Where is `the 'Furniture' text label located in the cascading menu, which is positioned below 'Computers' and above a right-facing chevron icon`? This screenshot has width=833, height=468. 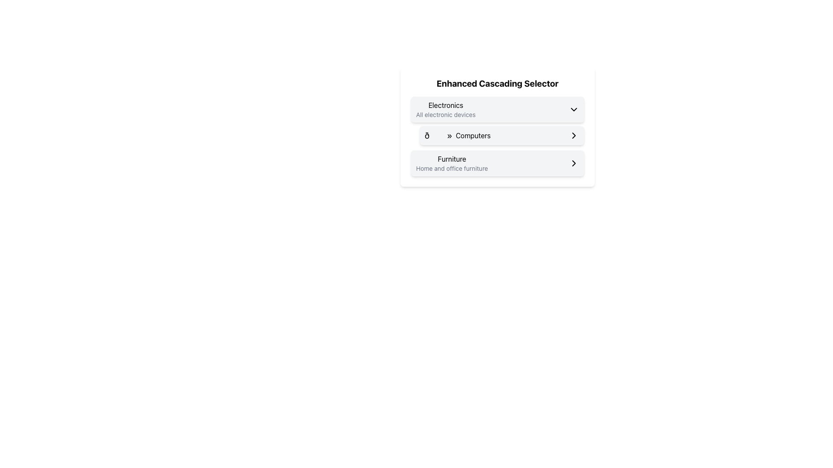 the 'Furniture' text label located in the cascading menu, which is positioned below 'Computers' and above a right-facing chevron icon is located at coordinates (451, 163).